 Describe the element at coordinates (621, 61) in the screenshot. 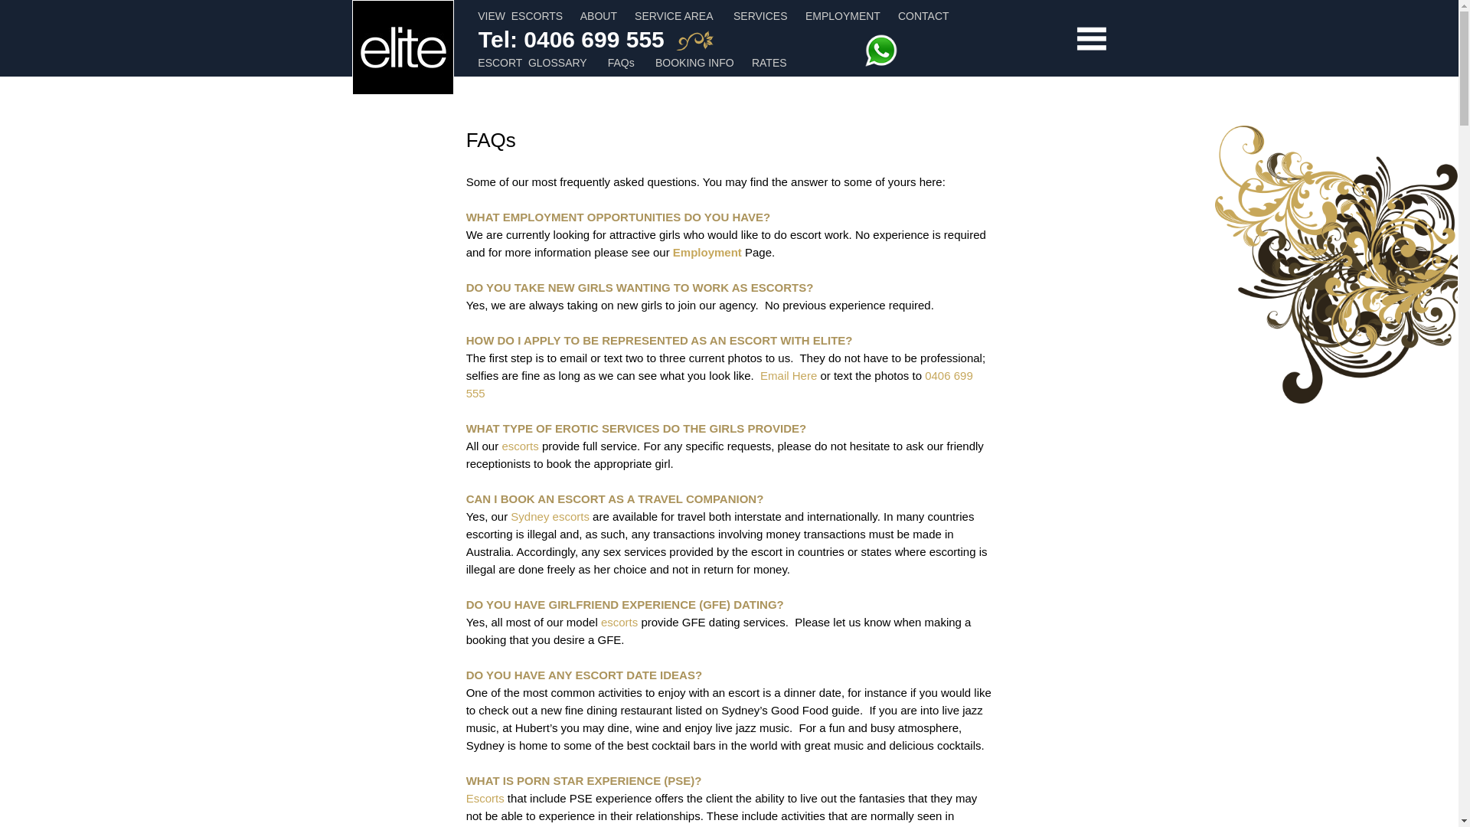

I see `'FAQs'` at that location.